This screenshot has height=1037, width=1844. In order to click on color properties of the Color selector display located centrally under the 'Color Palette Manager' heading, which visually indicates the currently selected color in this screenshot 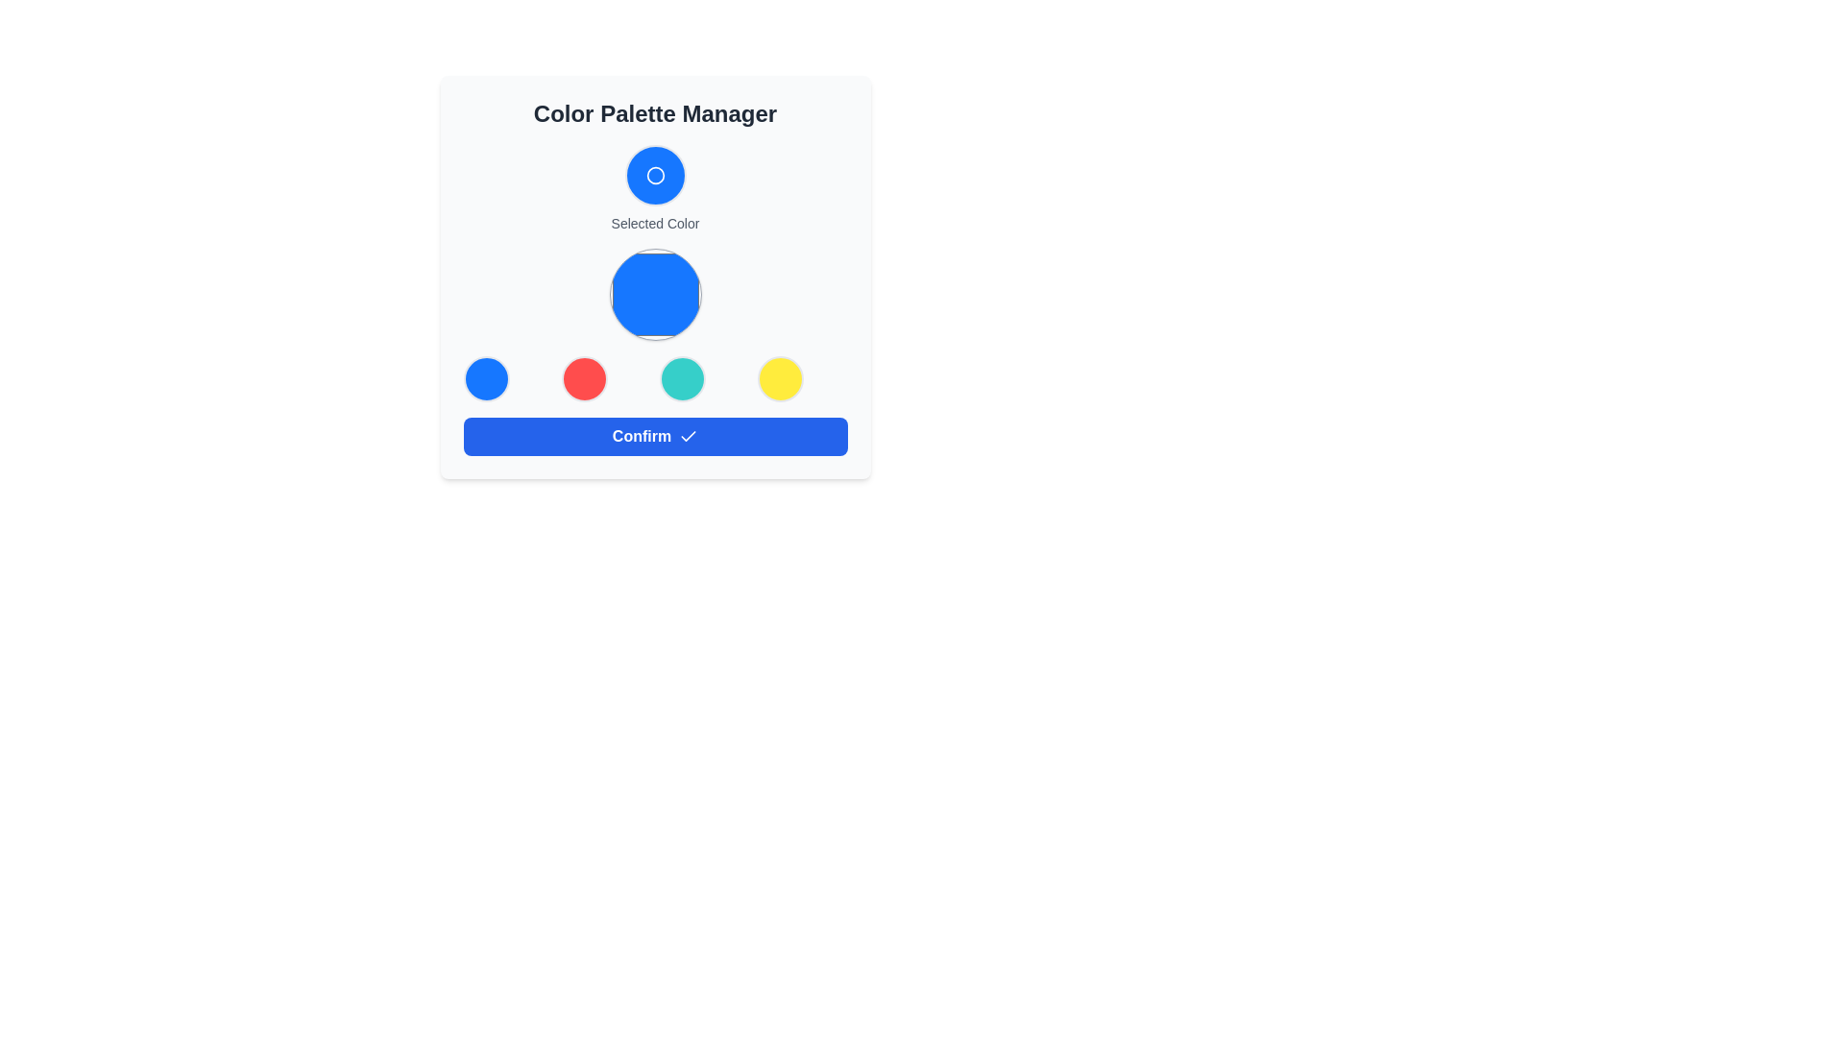, I will do `click(655, 277)`.